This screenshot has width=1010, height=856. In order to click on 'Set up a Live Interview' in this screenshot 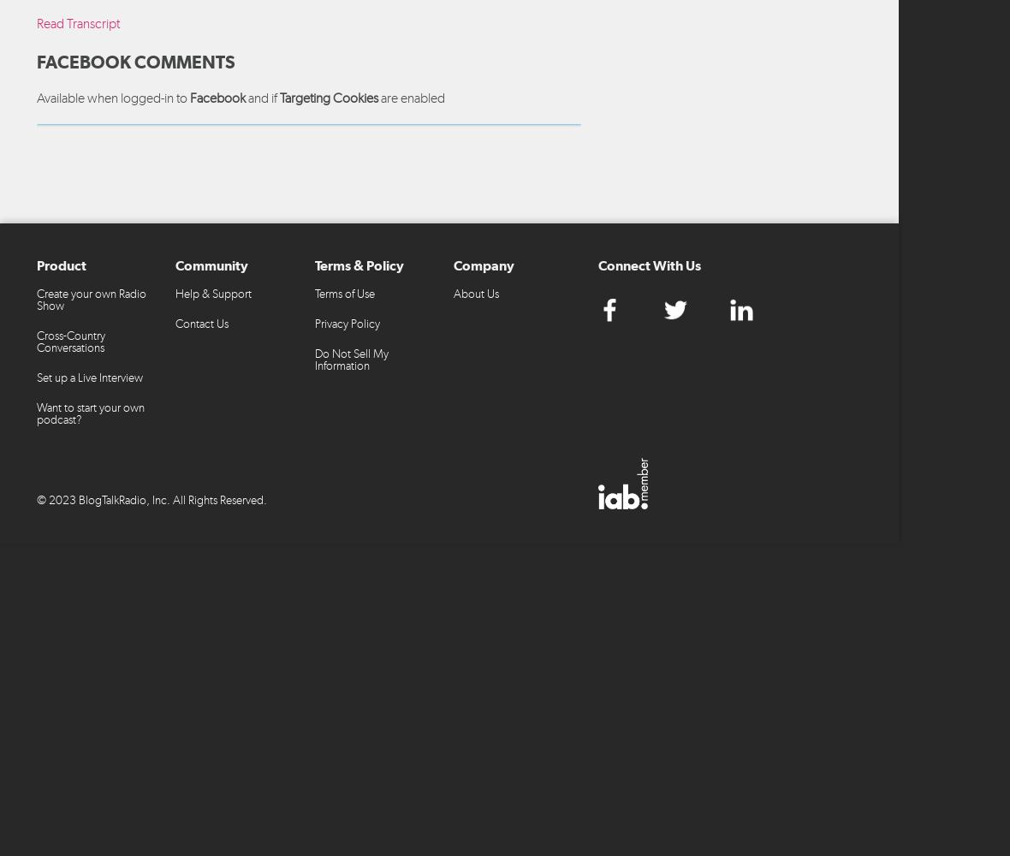, I will do `click(89, 376)`.